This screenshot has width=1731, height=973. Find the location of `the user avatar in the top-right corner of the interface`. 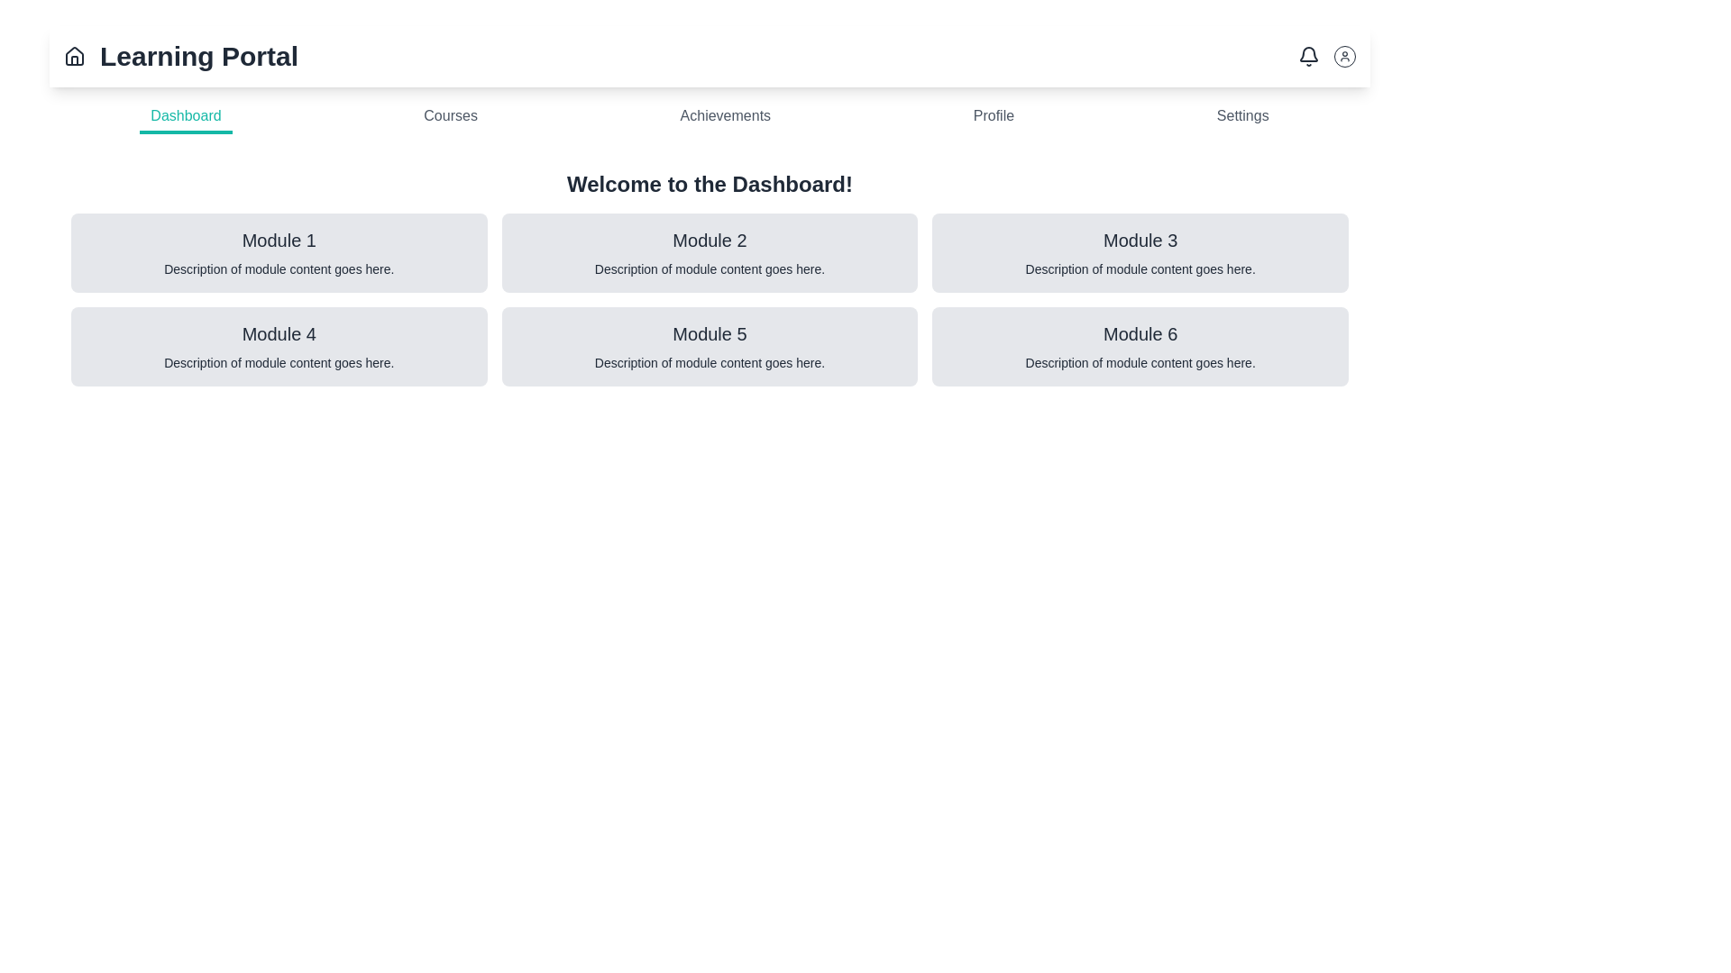

the user avatar in the top-right corner of the interface is located at coordinates (1327, 55).